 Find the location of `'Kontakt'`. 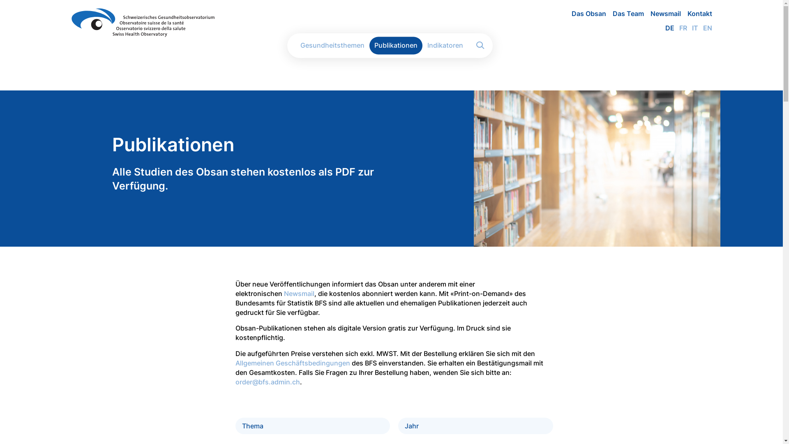

'Kontakt' is located at coordinates (696, 14).